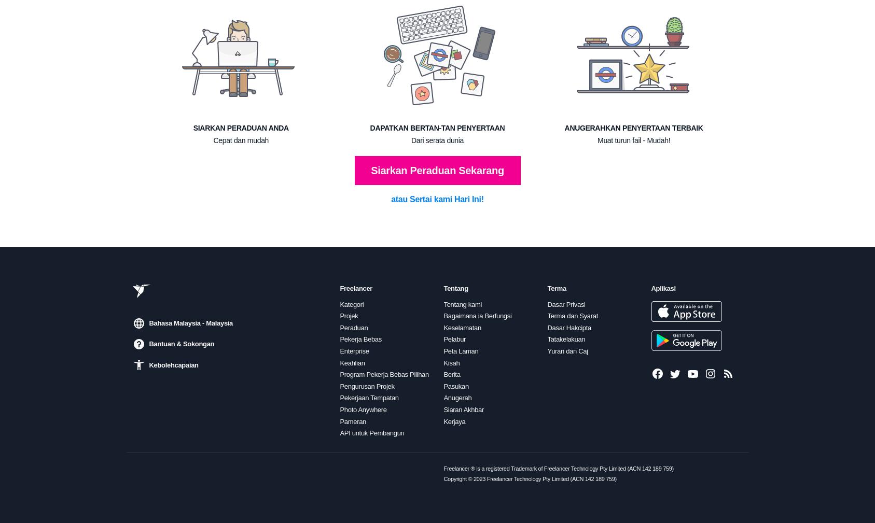 This screenshot has width=875, height=523. Describe the element at coordinates (340, 398) in the screenshot. I see `'Pekerjaan Tempatan'` at that location.